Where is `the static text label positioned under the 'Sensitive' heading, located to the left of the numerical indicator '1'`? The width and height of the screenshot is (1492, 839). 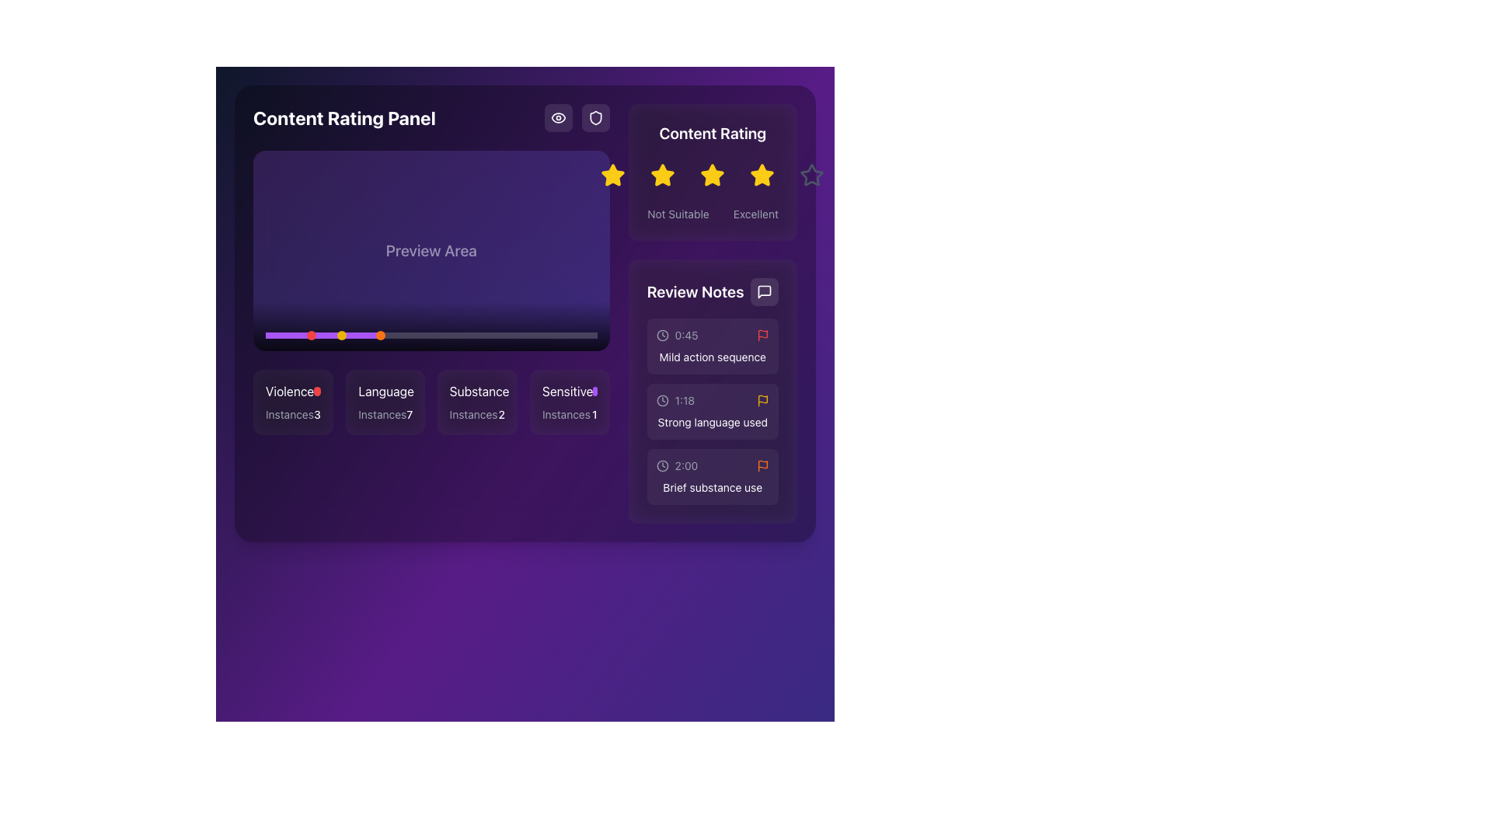
the static text label positioned under the 'Sensitive' heading, located to the left of the numerical indicator '1' is located at coordinates (566, 413).